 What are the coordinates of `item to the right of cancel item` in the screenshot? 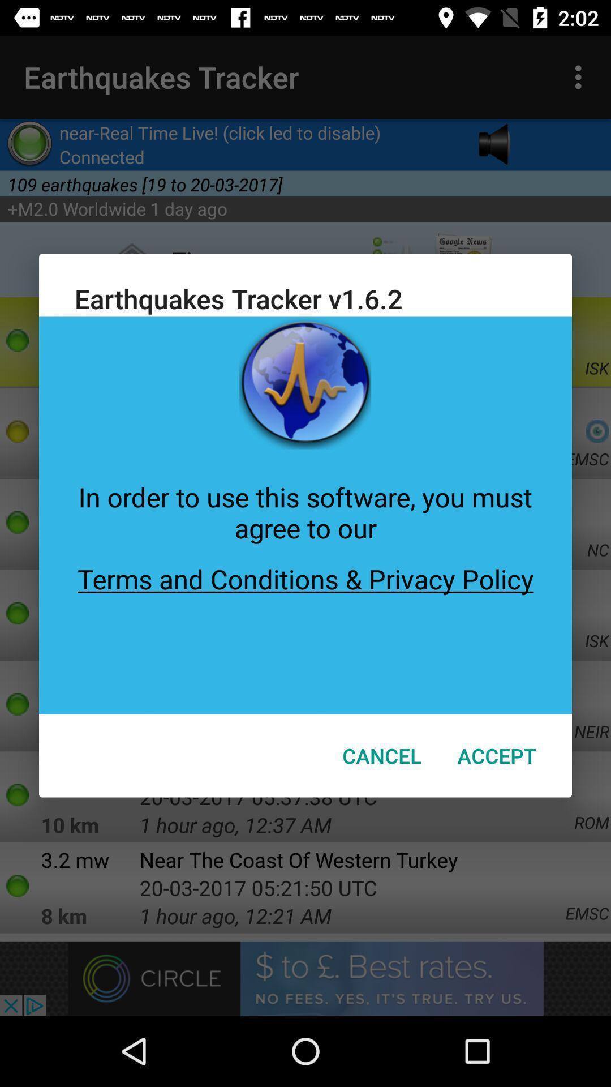 It's located at (496, 755).